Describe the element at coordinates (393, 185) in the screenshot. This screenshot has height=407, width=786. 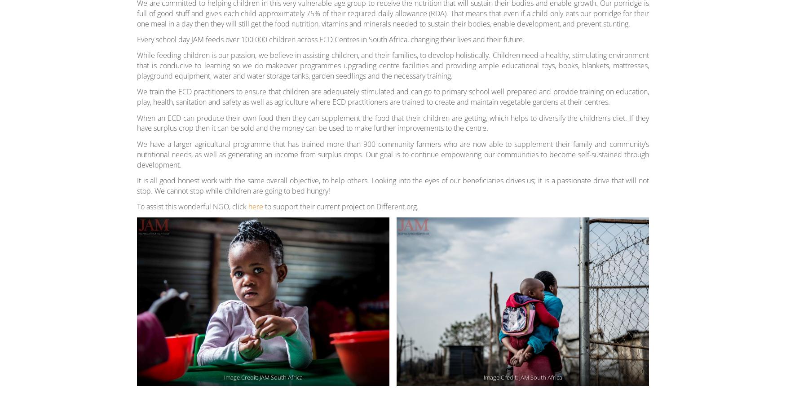
I see `'It is all good honest work with the same overall objective, to help others. Looking into the eyes of our beneficiaries drives us; it is a passionate drive that will not stop. We cannot stop while children are going to bed hungry!'` at that location.